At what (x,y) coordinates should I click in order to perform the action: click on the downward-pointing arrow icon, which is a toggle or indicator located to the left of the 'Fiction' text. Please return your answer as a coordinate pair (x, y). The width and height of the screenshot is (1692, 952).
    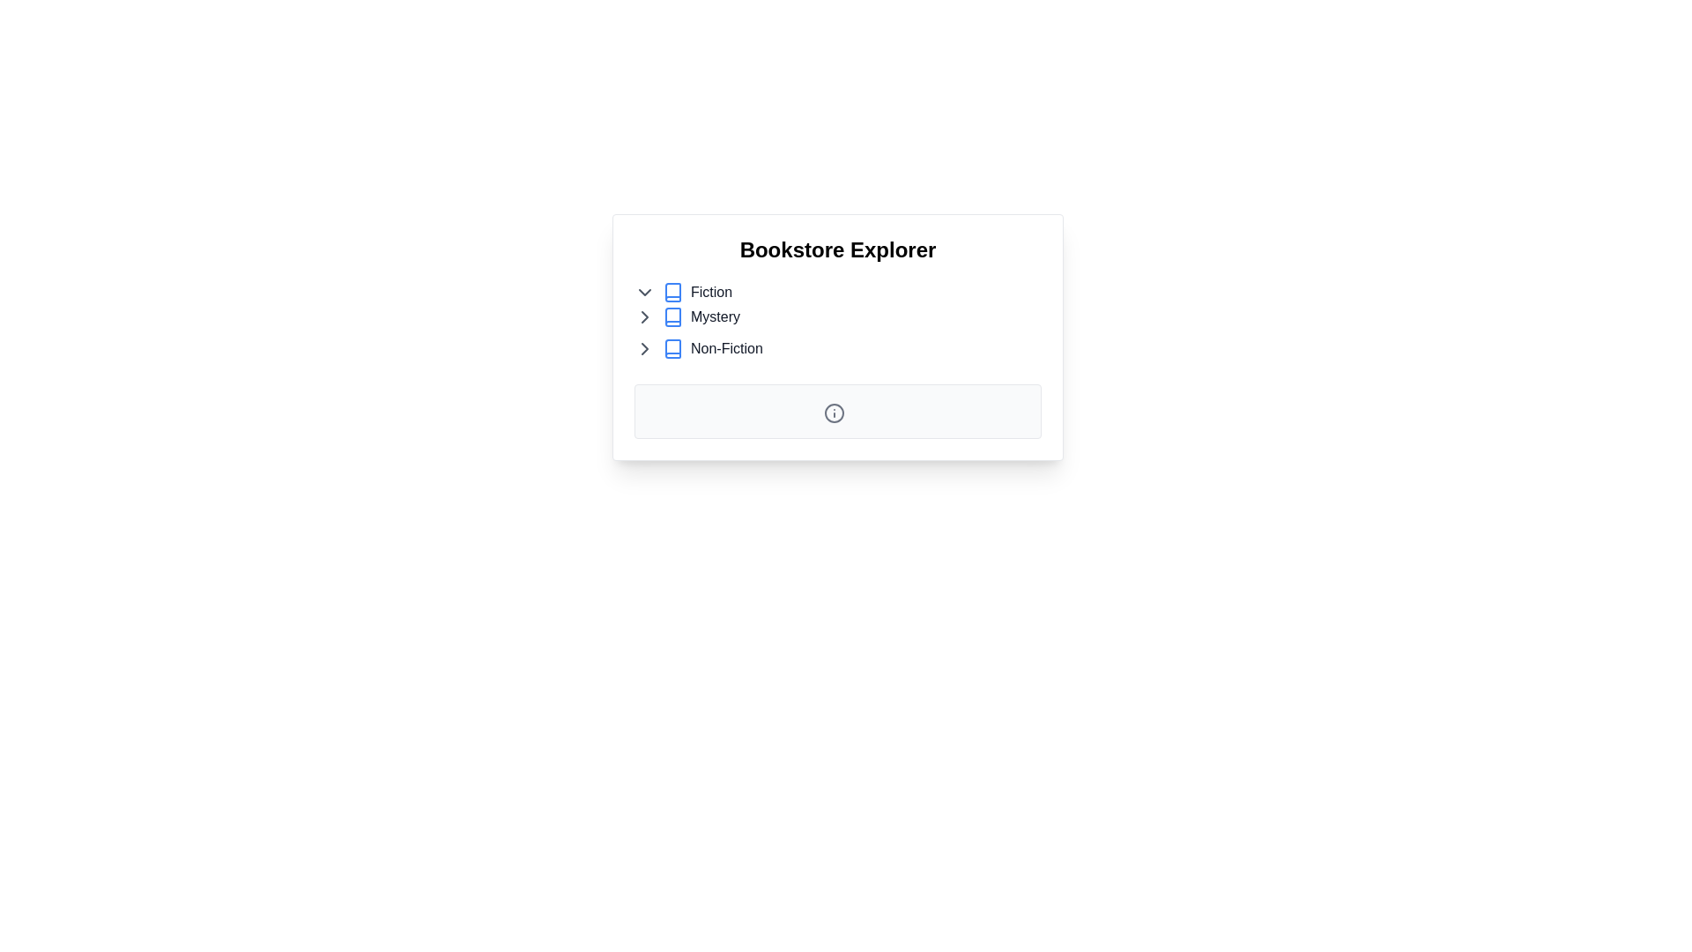
    Looking at the image, I should click on (643, 291).